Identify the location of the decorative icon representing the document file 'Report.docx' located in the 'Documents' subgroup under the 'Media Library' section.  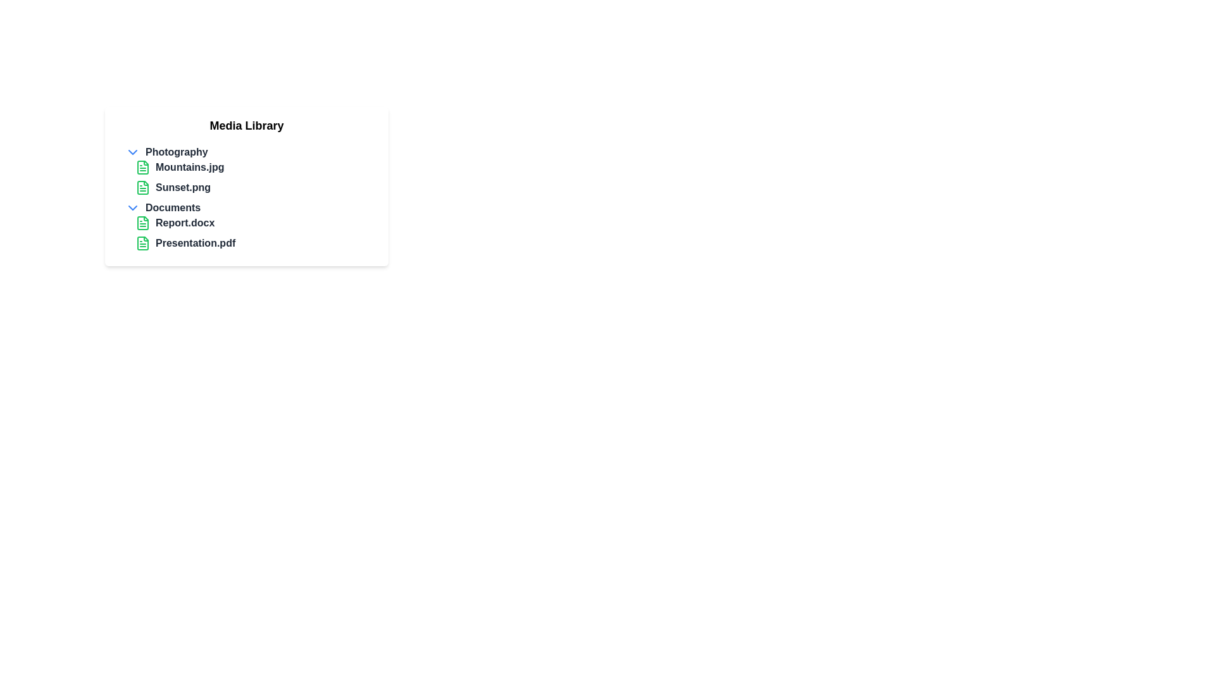
(142, 223).